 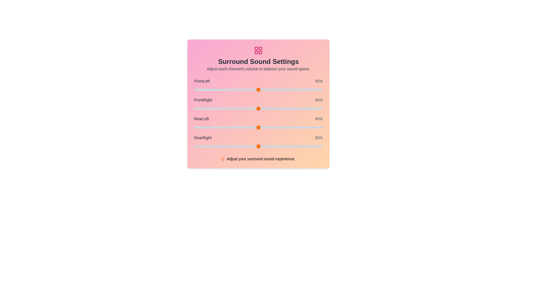 What do you see at coordinates (258, 50) in the screenshot?
I see `the icon next to the title` at bounding box center [258, 50].